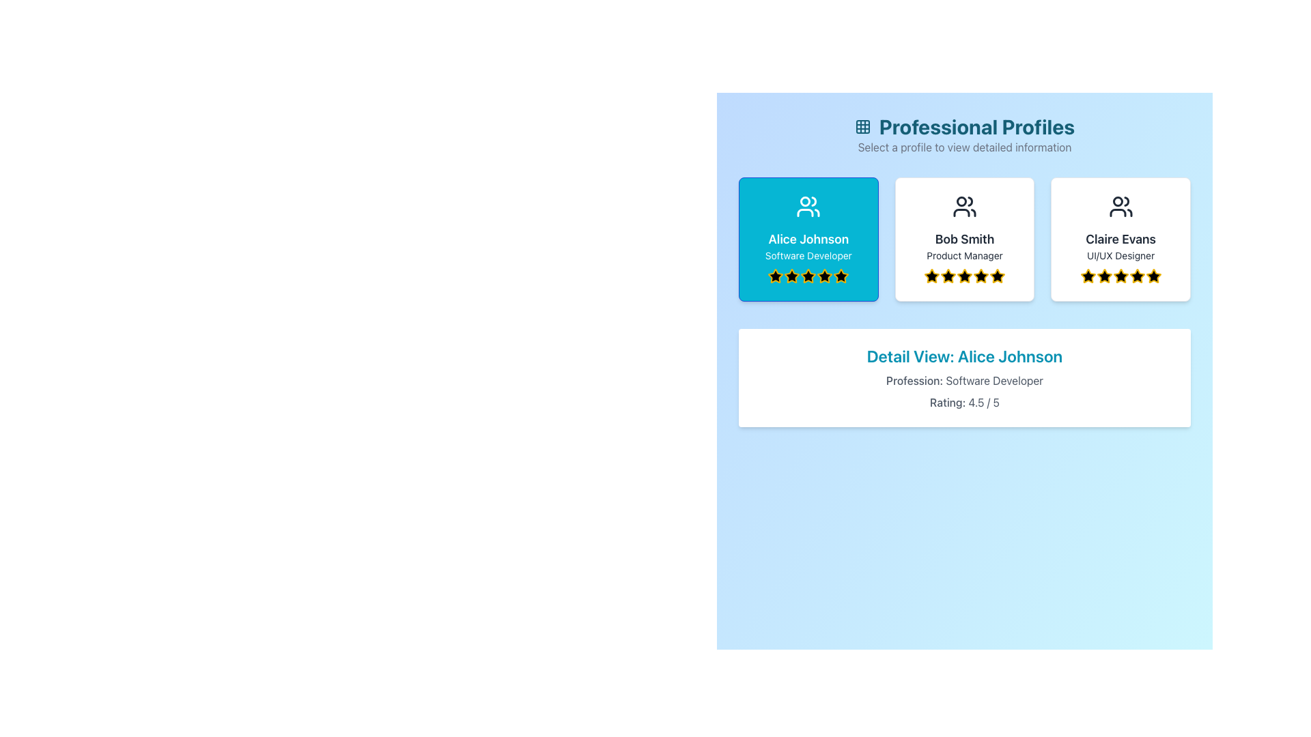  Describe the element at coordinates (1087, 276) in the screenshot. I see `the first star in the 5-star rating system for the 'Claire Evans' profile located below the profile card` at that location.